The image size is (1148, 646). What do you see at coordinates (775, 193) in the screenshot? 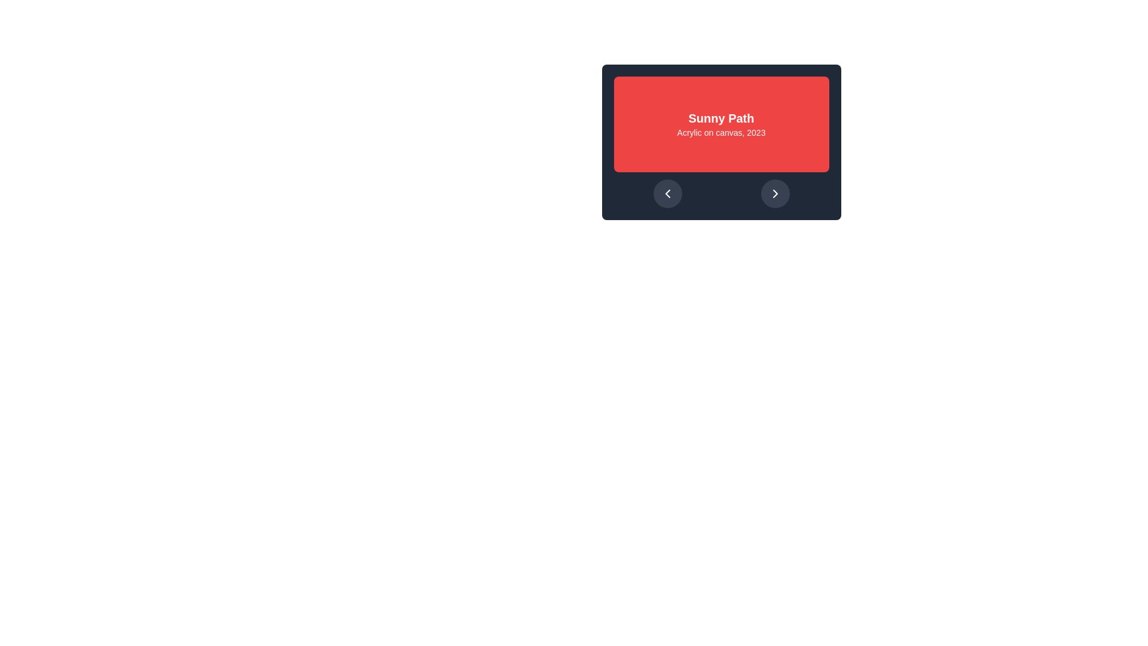
I see `the chevron right-arrow icon located in the bottom-right section of a black rectangular area` at bounding box center [775, 193].